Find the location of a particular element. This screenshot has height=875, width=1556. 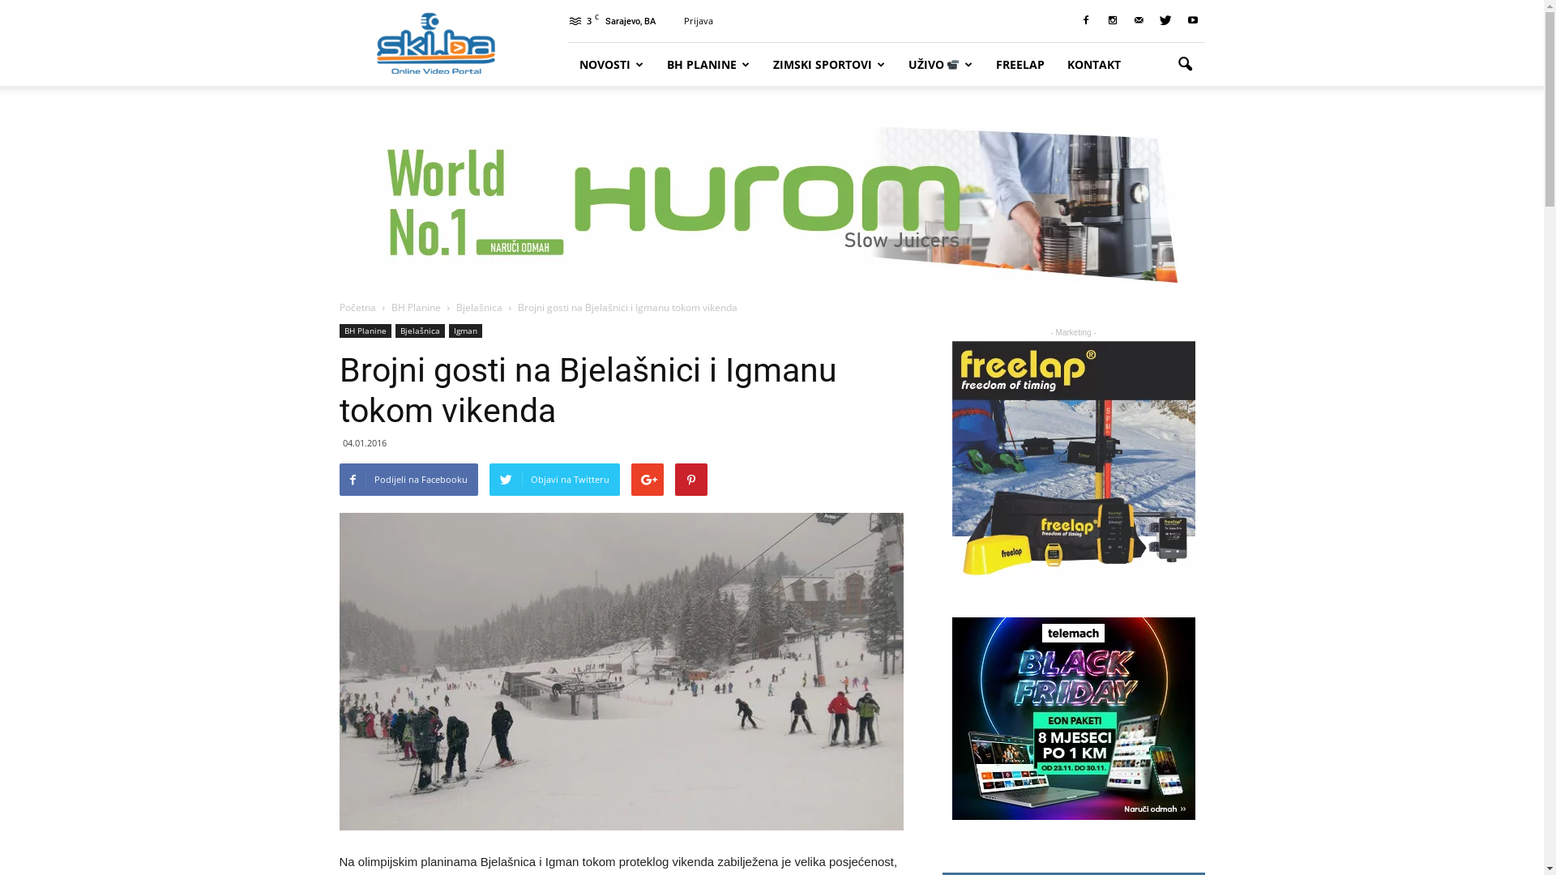

'NOVOSTI' is located at coordinates (567, 63).